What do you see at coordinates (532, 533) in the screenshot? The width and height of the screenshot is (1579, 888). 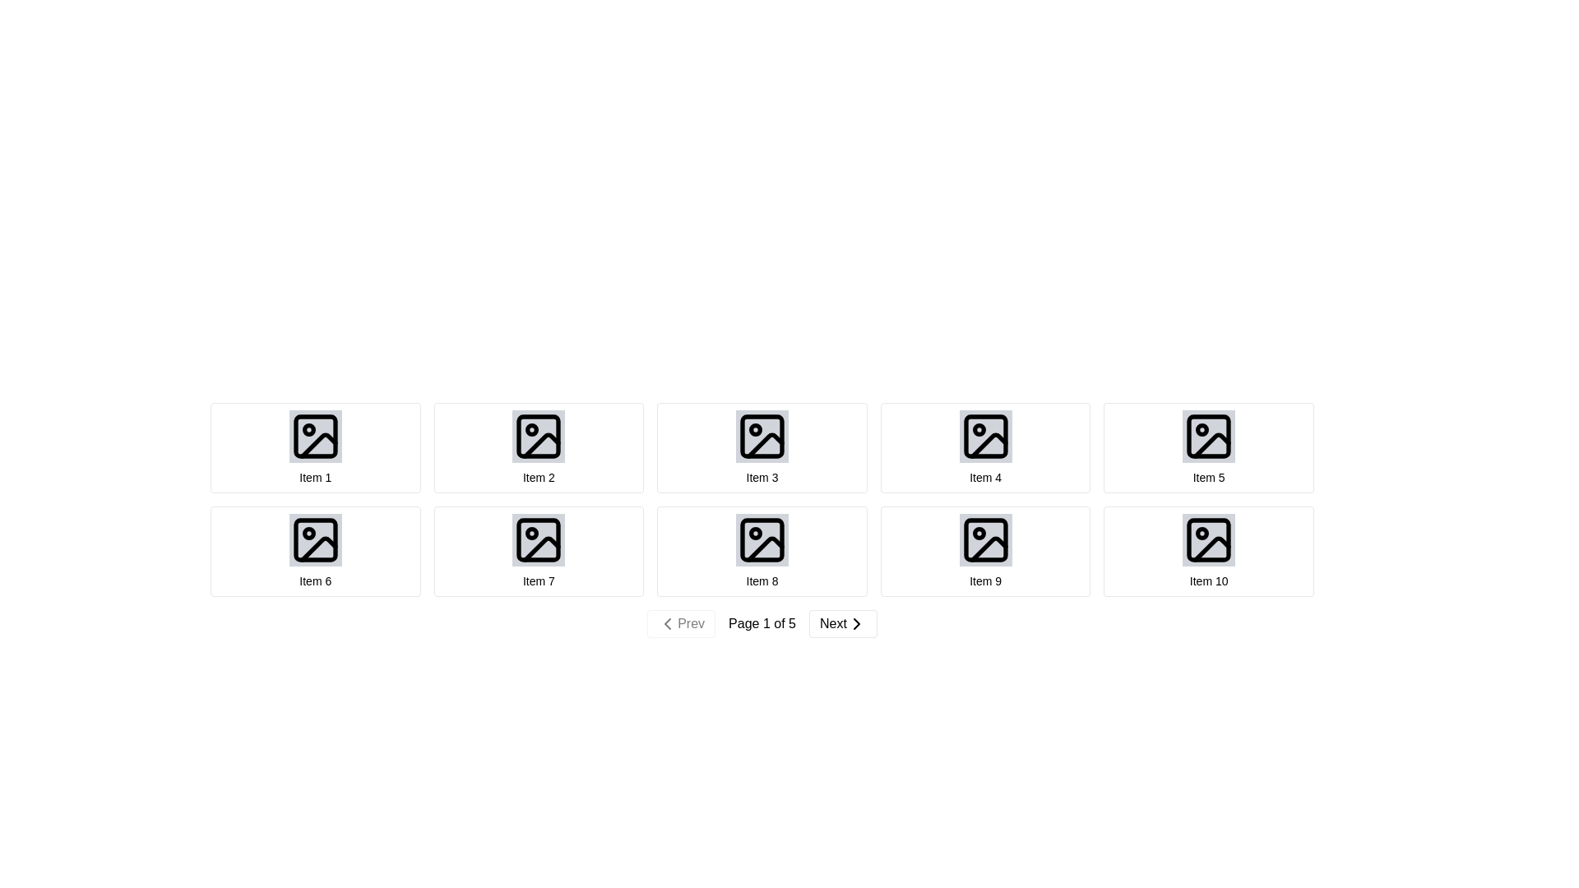 I see `the dot inside the Graphical Icon Component representing 'Item 7'` at bounding box center [532, 533].